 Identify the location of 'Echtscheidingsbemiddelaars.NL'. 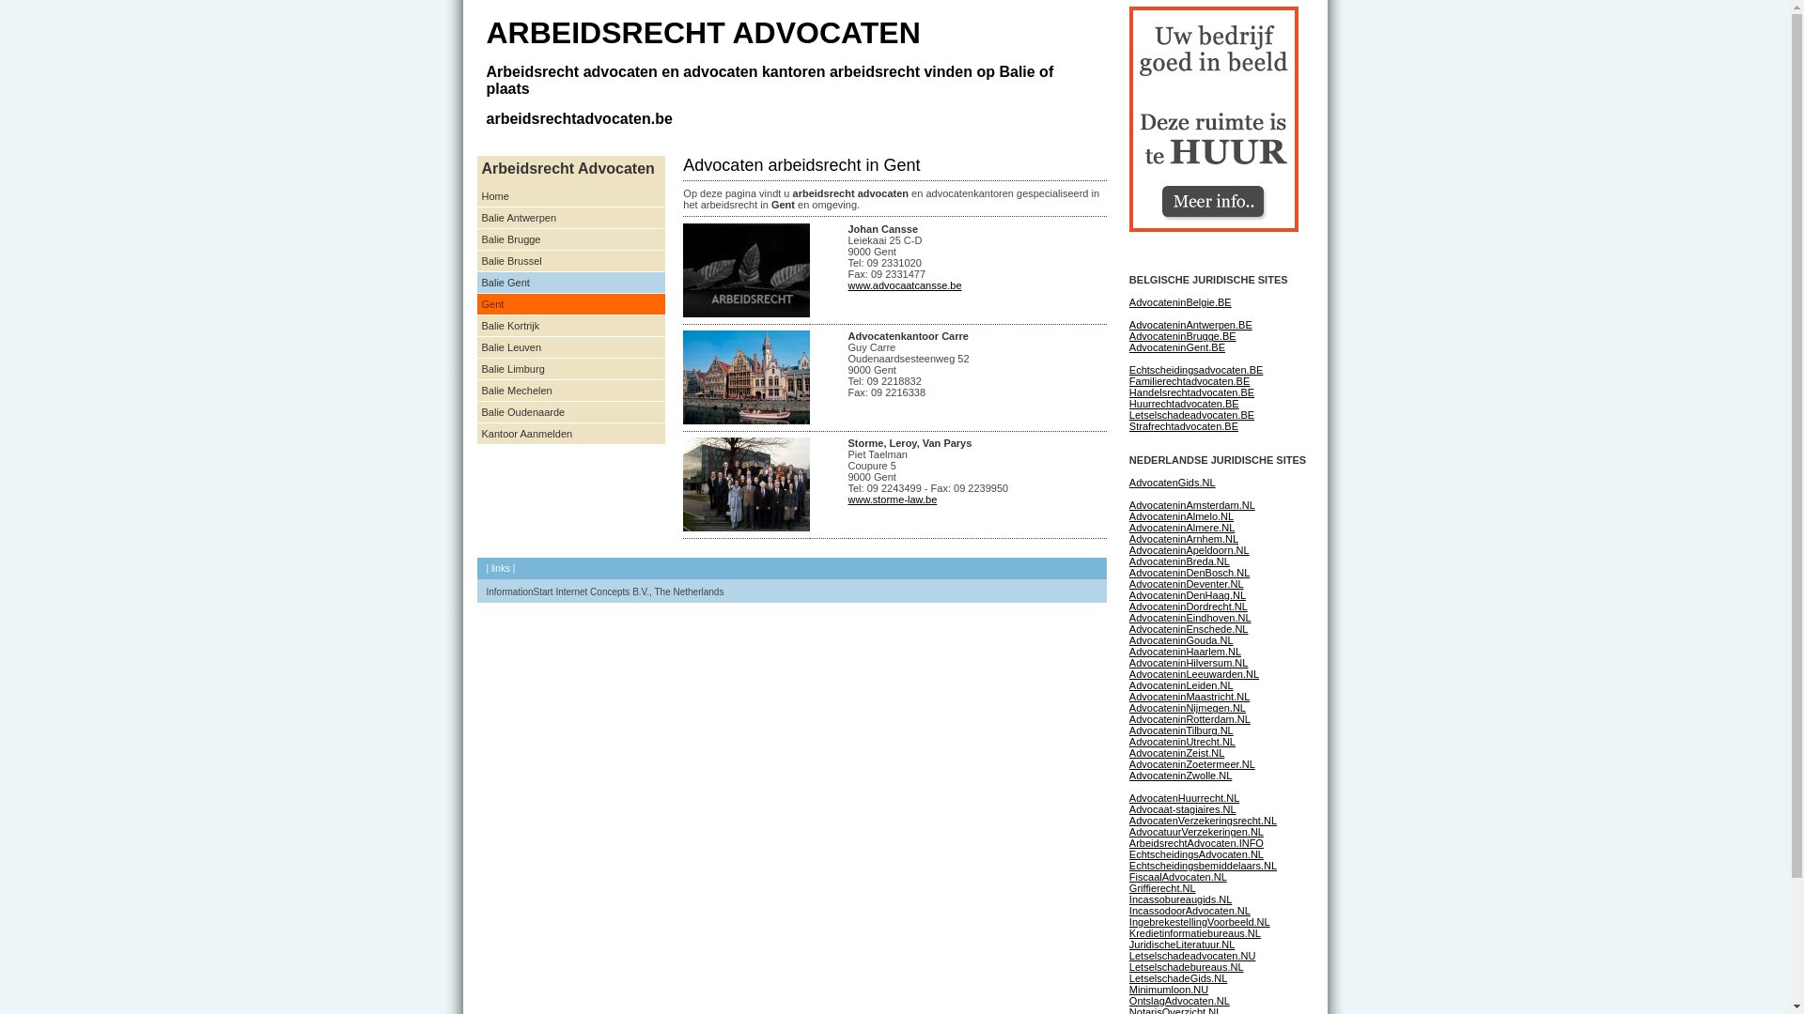
(1203, 865).